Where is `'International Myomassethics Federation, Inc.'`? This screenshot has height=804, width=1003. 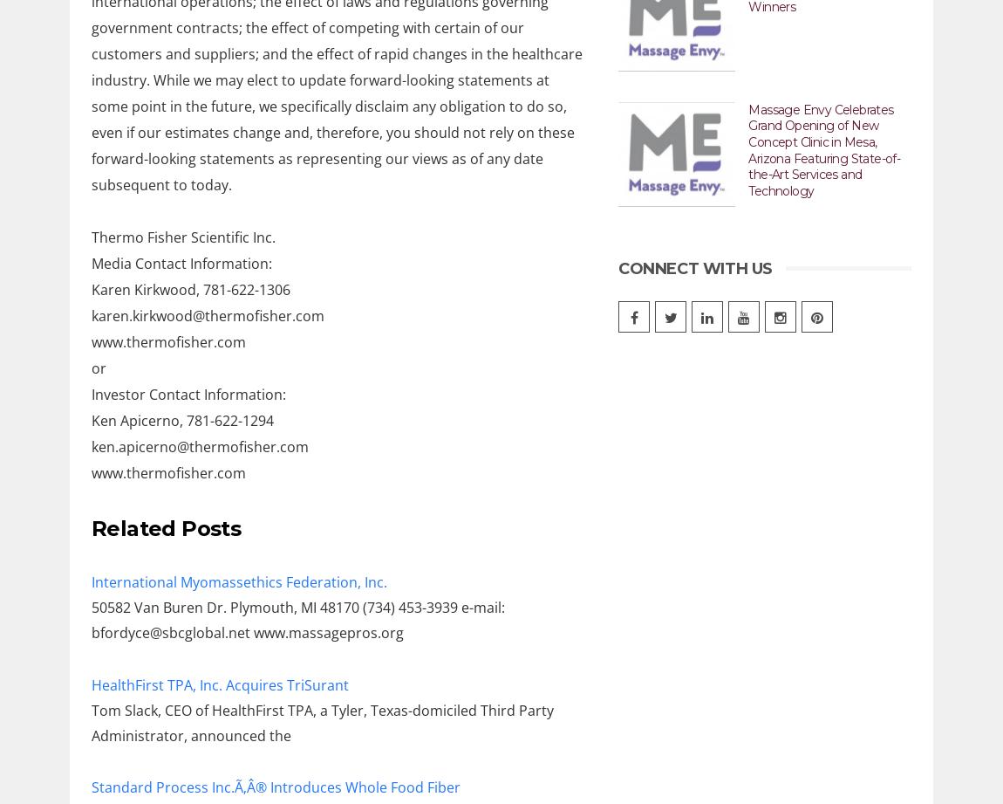 'International Myomassethics Federation, Inc.' is located at coordinates (238, 581).